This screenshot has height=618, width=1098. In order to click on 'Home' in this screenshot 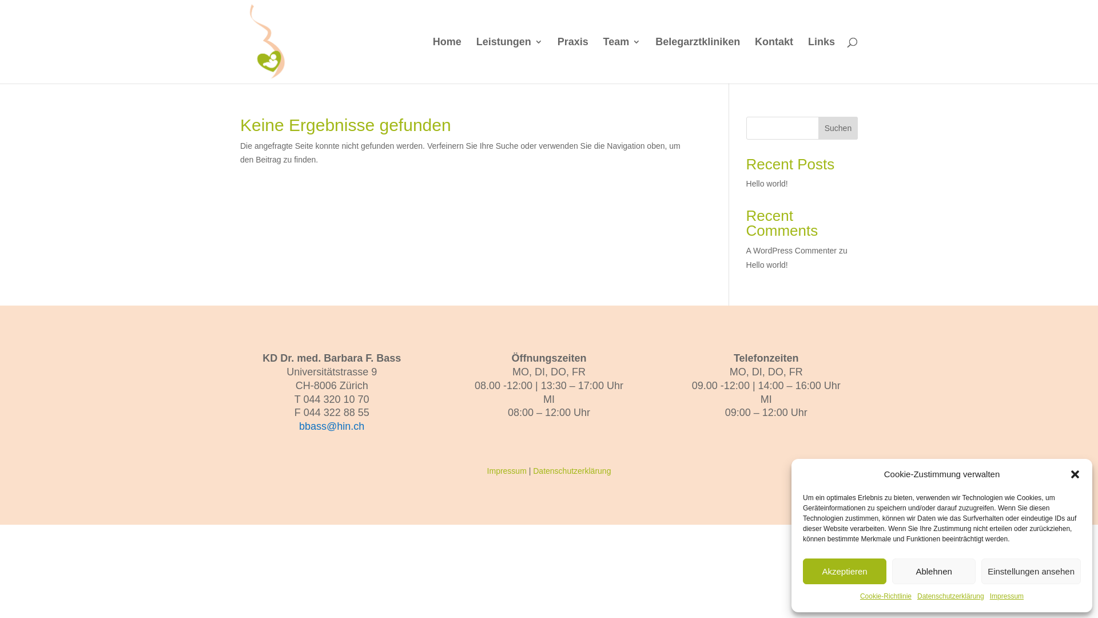, I will do `click(447, 60)`.